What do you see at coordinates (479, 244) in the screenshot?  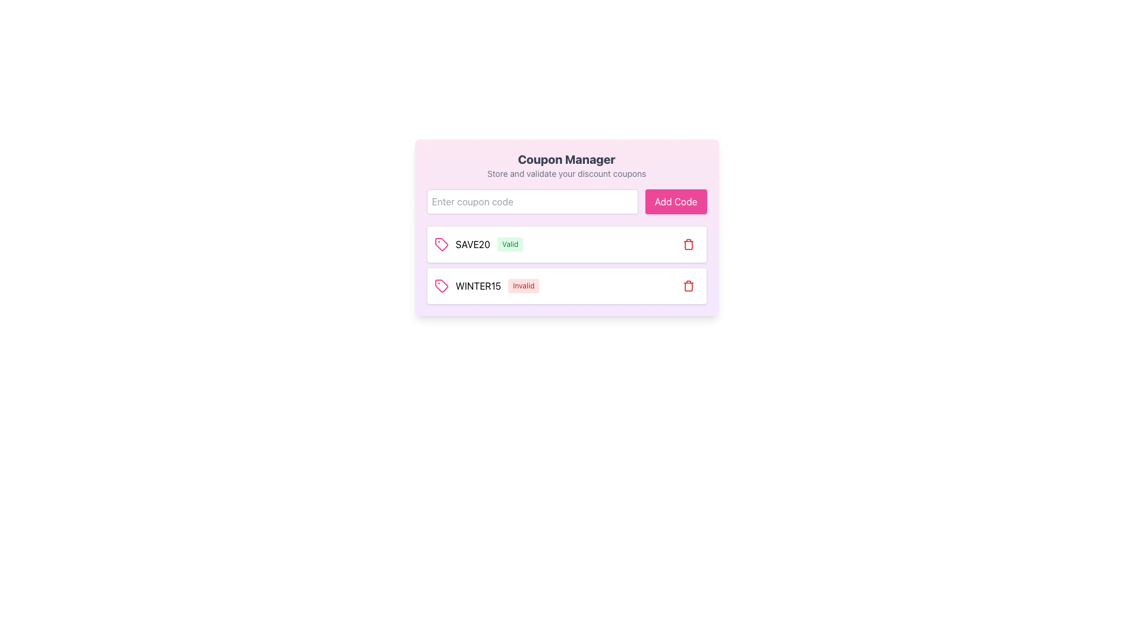 I see `the coupon entry displaying the code 'SAVE20' and its validity status 'Valid', which is the topmost entry in the list of coupon codes` at bounding box center [479, 244].